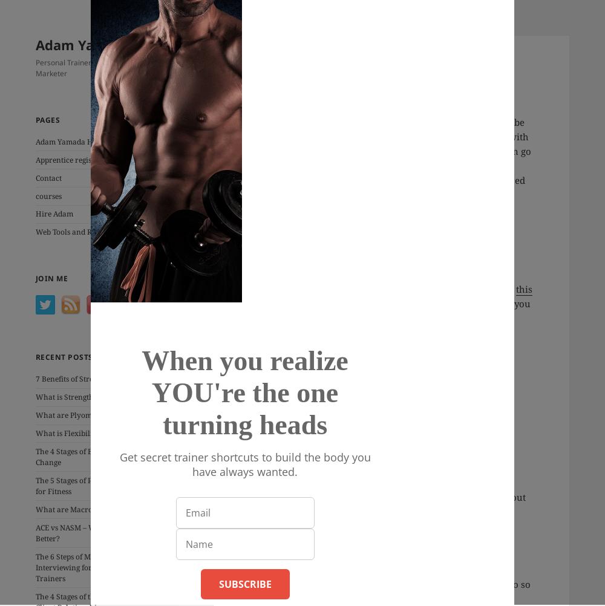 This screenshot has height=606, width=605. What do you see at coordinates (47, 195) in the screenshot?
I see `'courses'` at bounding box center [47, 195].